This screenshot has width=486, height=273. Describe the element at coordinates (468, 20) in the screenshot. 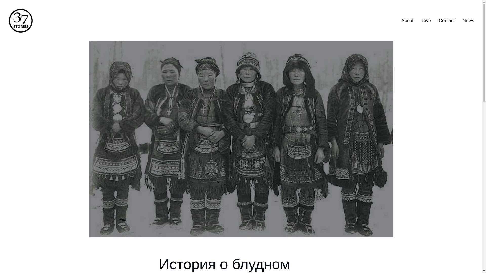

I see `'News'` at that location.